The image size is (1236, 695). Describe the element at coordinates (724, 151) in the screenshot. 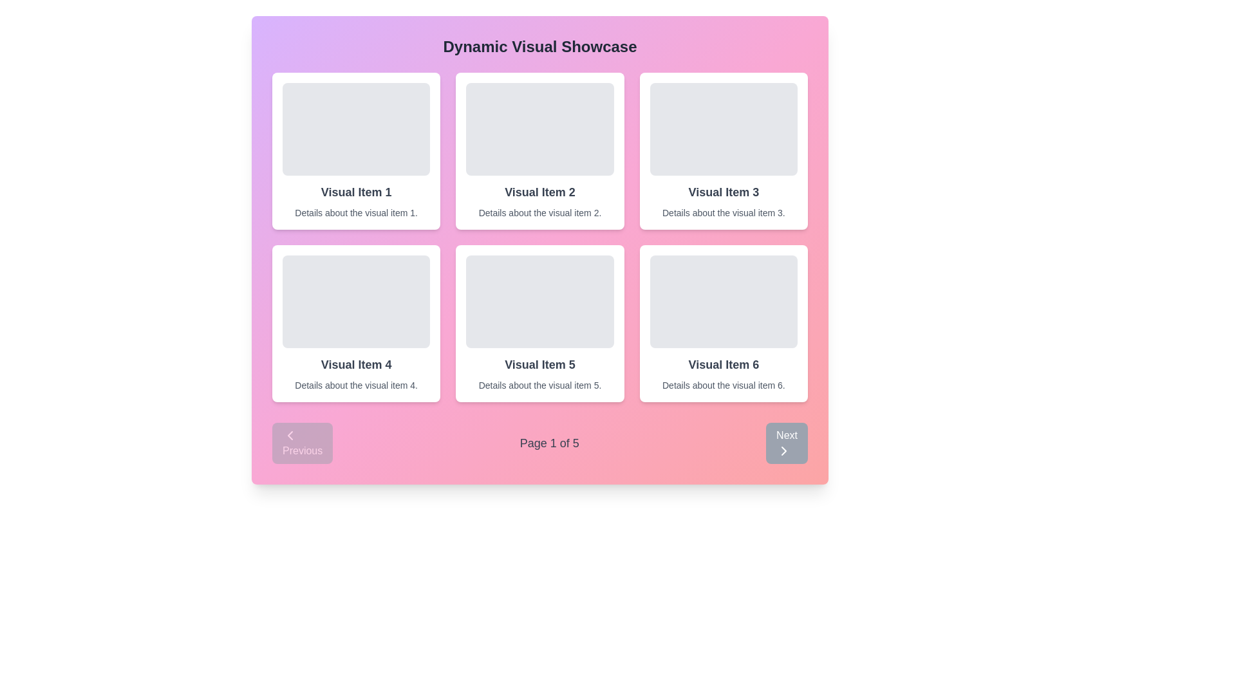

I see `the card component displaying 'Visual Item 3' with a white background and a gray image placeholder, positioned in the top-right corner of the grid layout` at that location.